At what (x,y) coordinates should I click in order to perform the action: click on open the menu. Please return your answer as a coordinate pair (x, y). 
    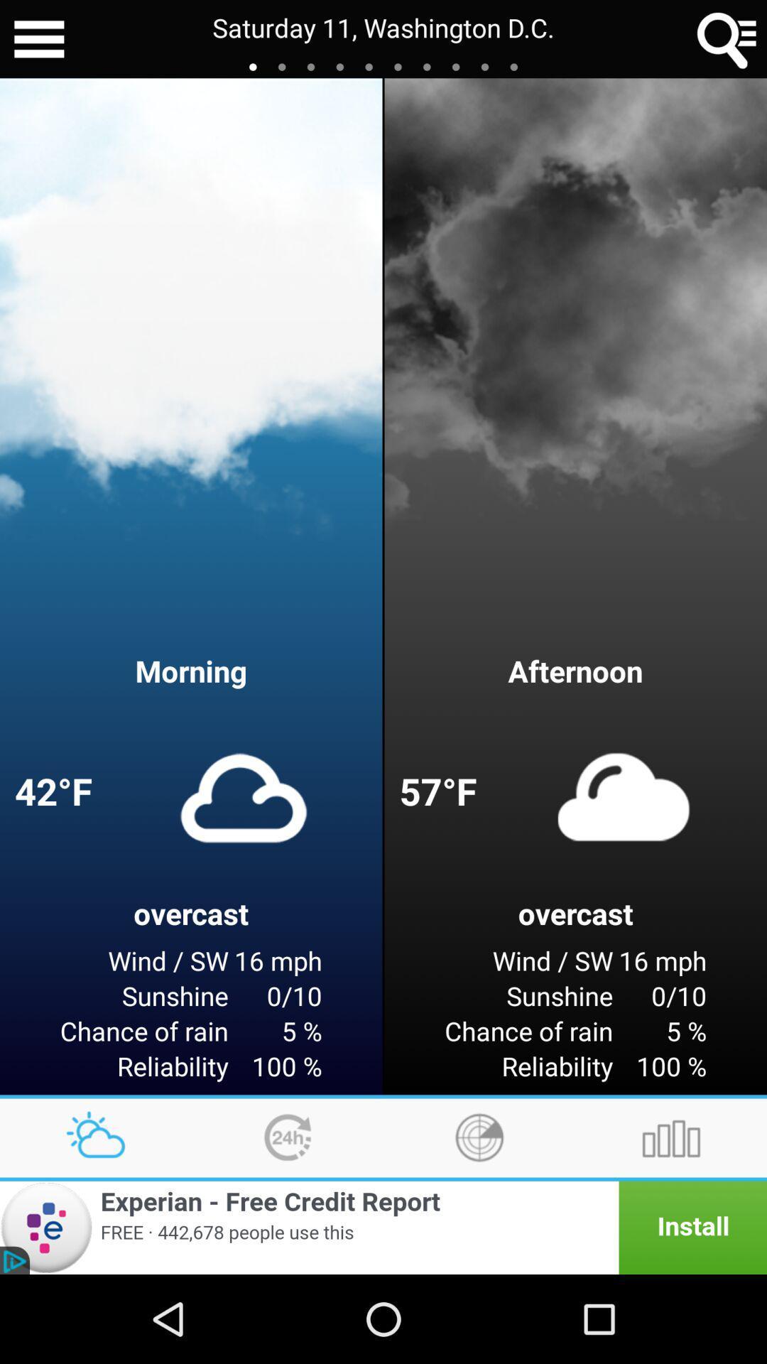
    Looking at the image, I should click on (38, 39).